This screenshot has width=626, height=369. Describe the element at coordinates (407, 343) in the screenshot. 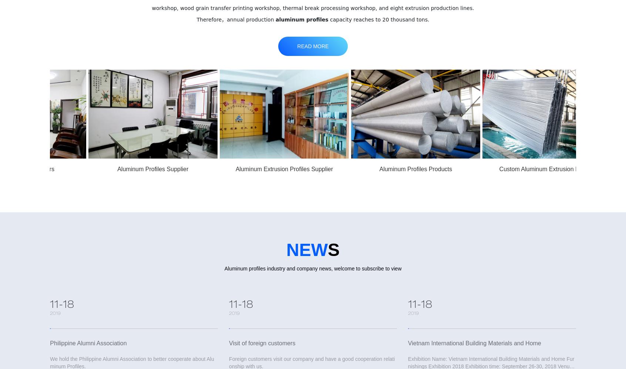

I see `'Vietnam International Building Materials and Home'` at that location.